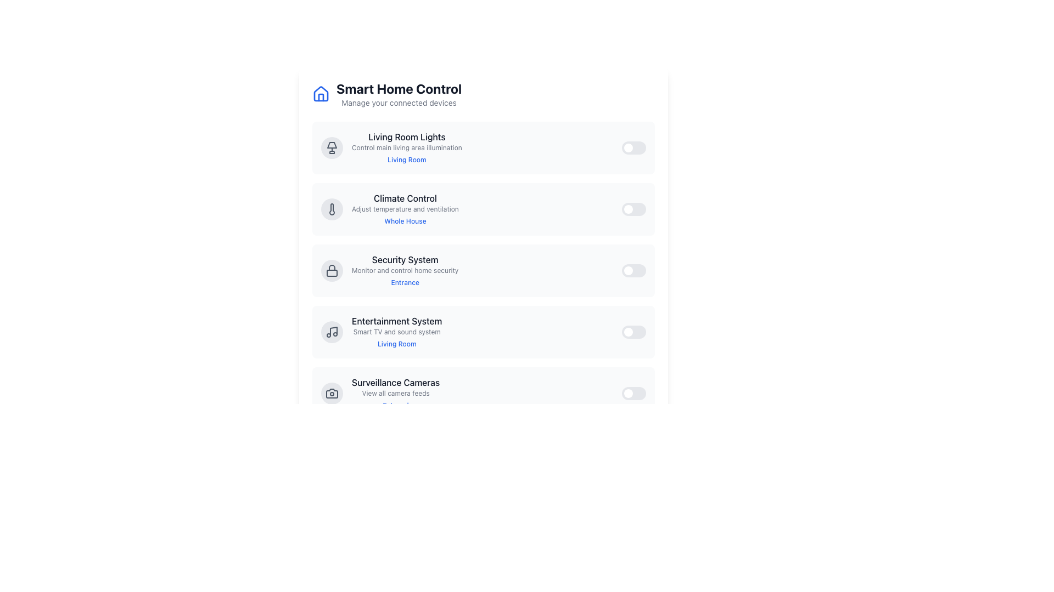 This screenshot has width=1054, height=592. I want to click on the hyperlink text 'External' located in the informative text block that displays 'Surveillance Cameras' and 'View all camera feeds', so click(395, 392).